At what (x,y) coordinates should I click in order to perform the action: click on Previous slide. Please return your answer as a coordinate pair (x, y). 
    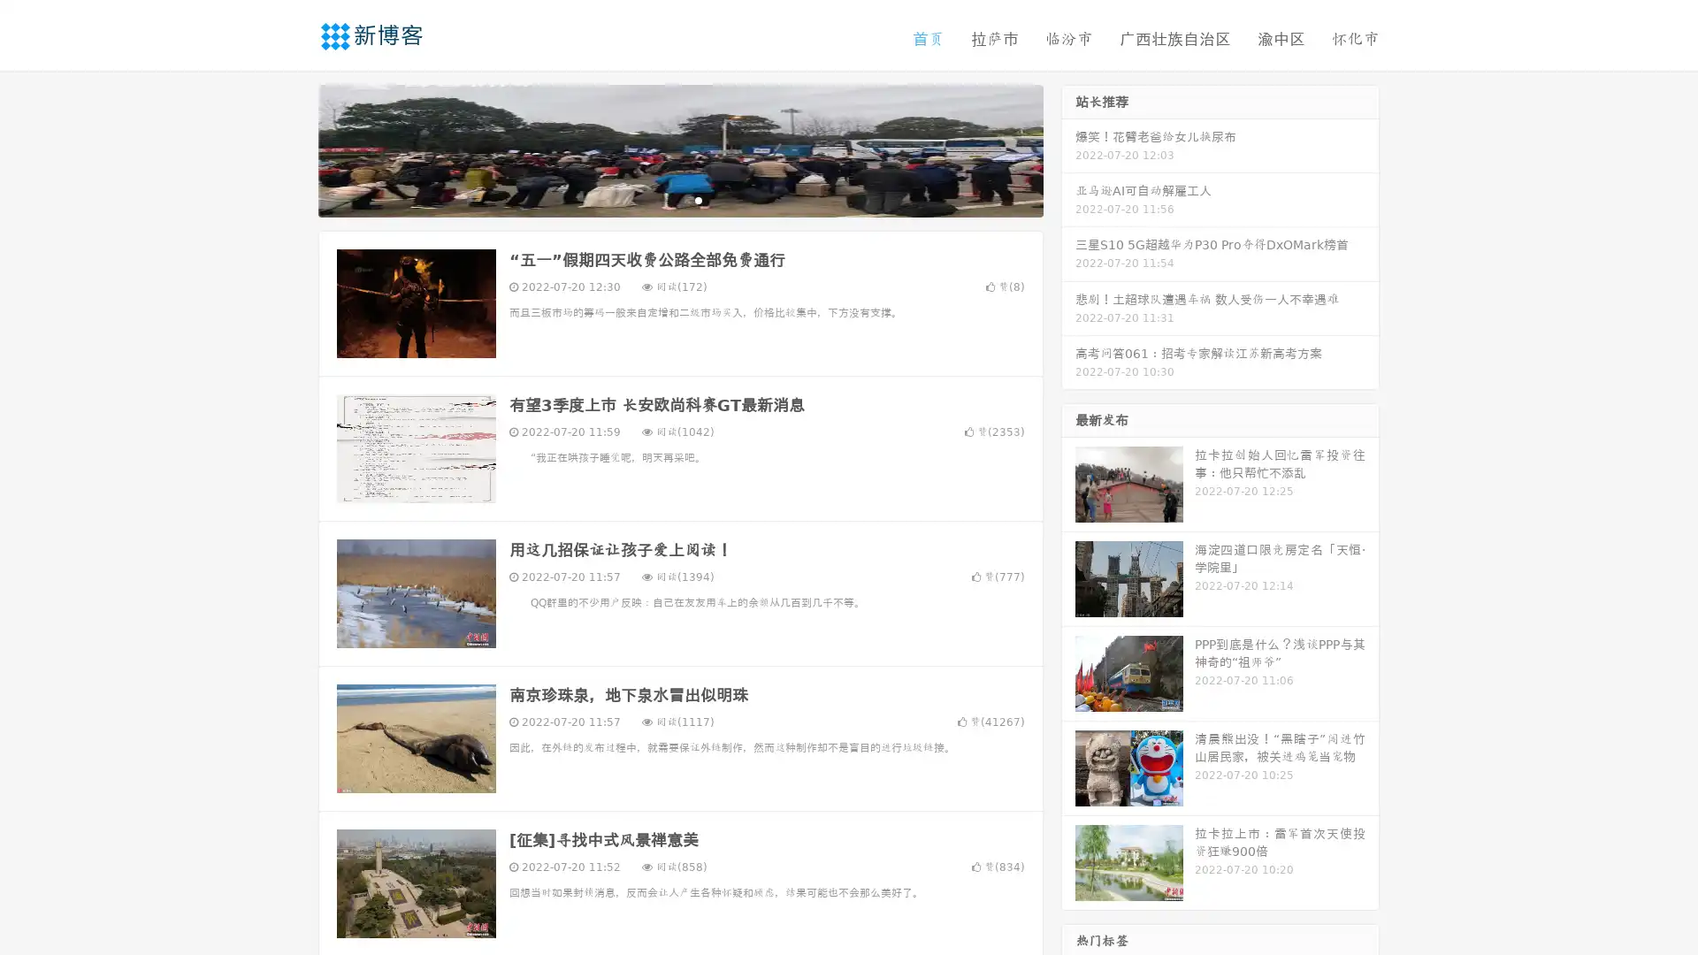
    Looking at the image, I should click on (292, 149).